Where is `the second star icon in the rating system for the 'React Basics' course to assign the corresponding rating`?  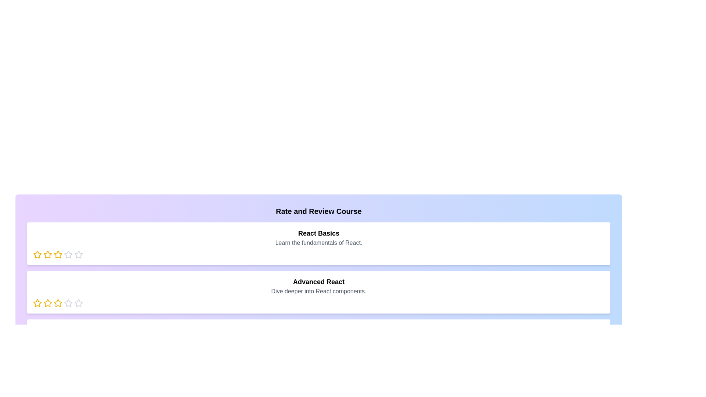 the second star icon in the rating system for the 'React Basics' course to assign the corresponding rating is located at coordinates (58, 254).